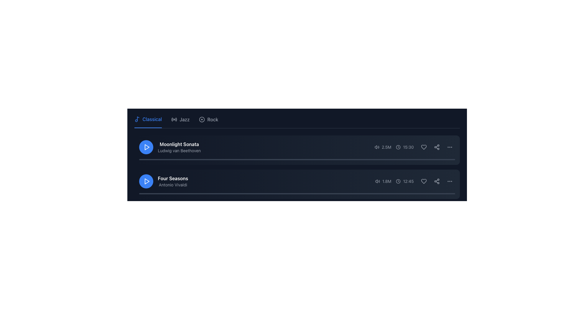 Image resolution: width=566 pixels, height=318 pixels. What do you see at coordinates (137, 119) in the screenshot?
I see `the blue outlined musical note icon located at the beginning of the 'Classical' category section in the navigation bar` at bounding box center [137, 119].